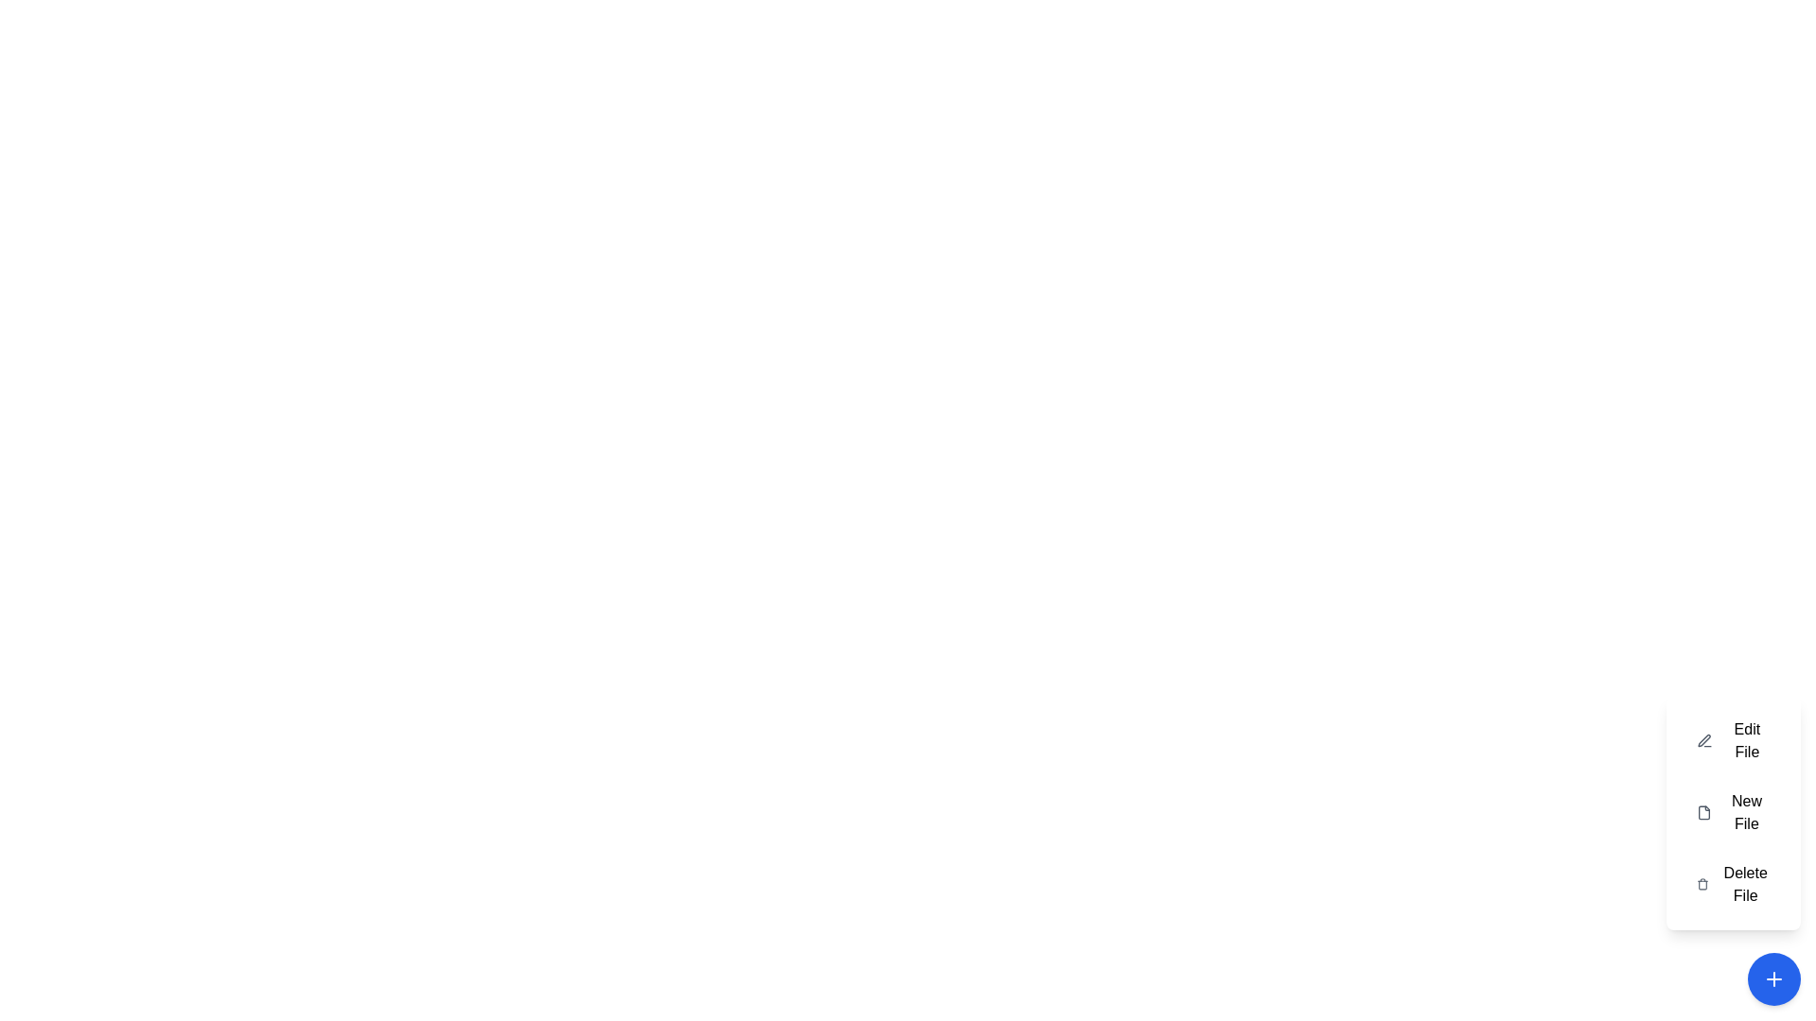 The height and width of the screenshot is (1021, 1816). Describe the element at coordinates (1773, 978) in the screenshot. I see `the circular blue button with a white plus sign (+) located in the bottom-right corner of the interface` at that location.